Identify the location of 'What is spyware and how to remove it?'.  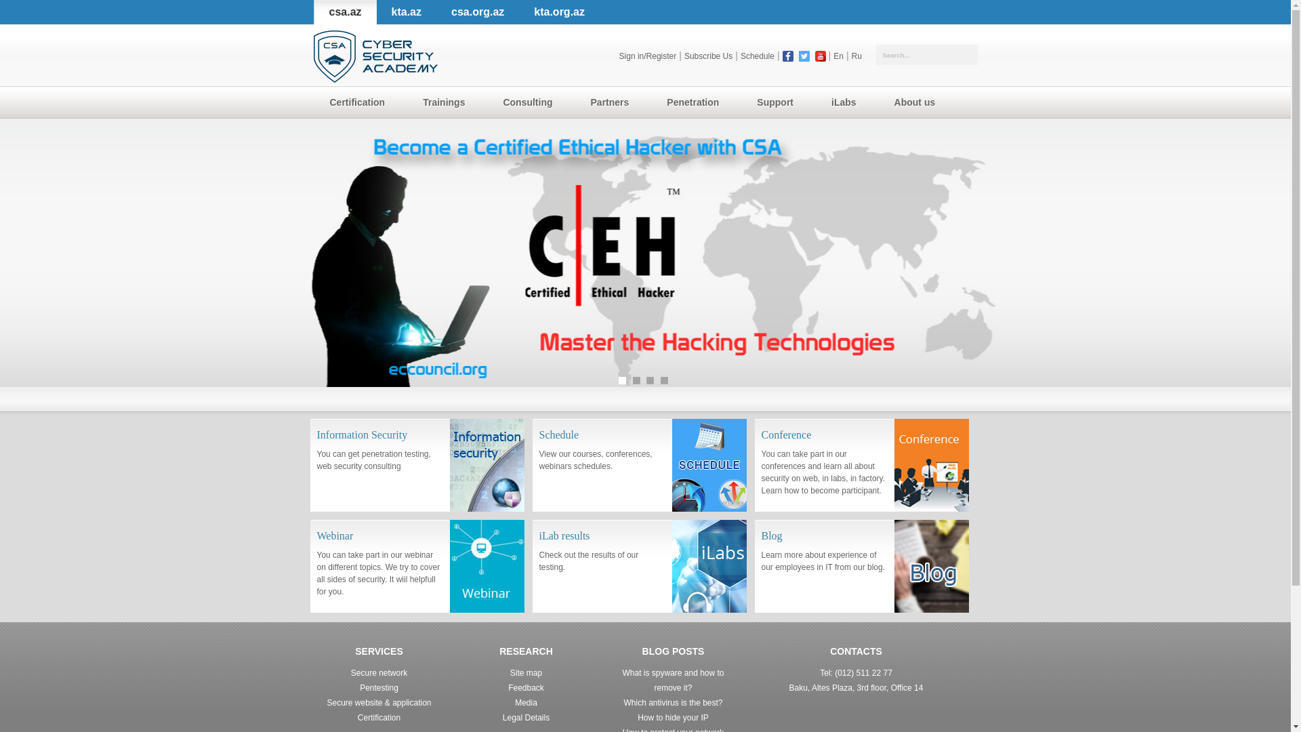
(673, 680).